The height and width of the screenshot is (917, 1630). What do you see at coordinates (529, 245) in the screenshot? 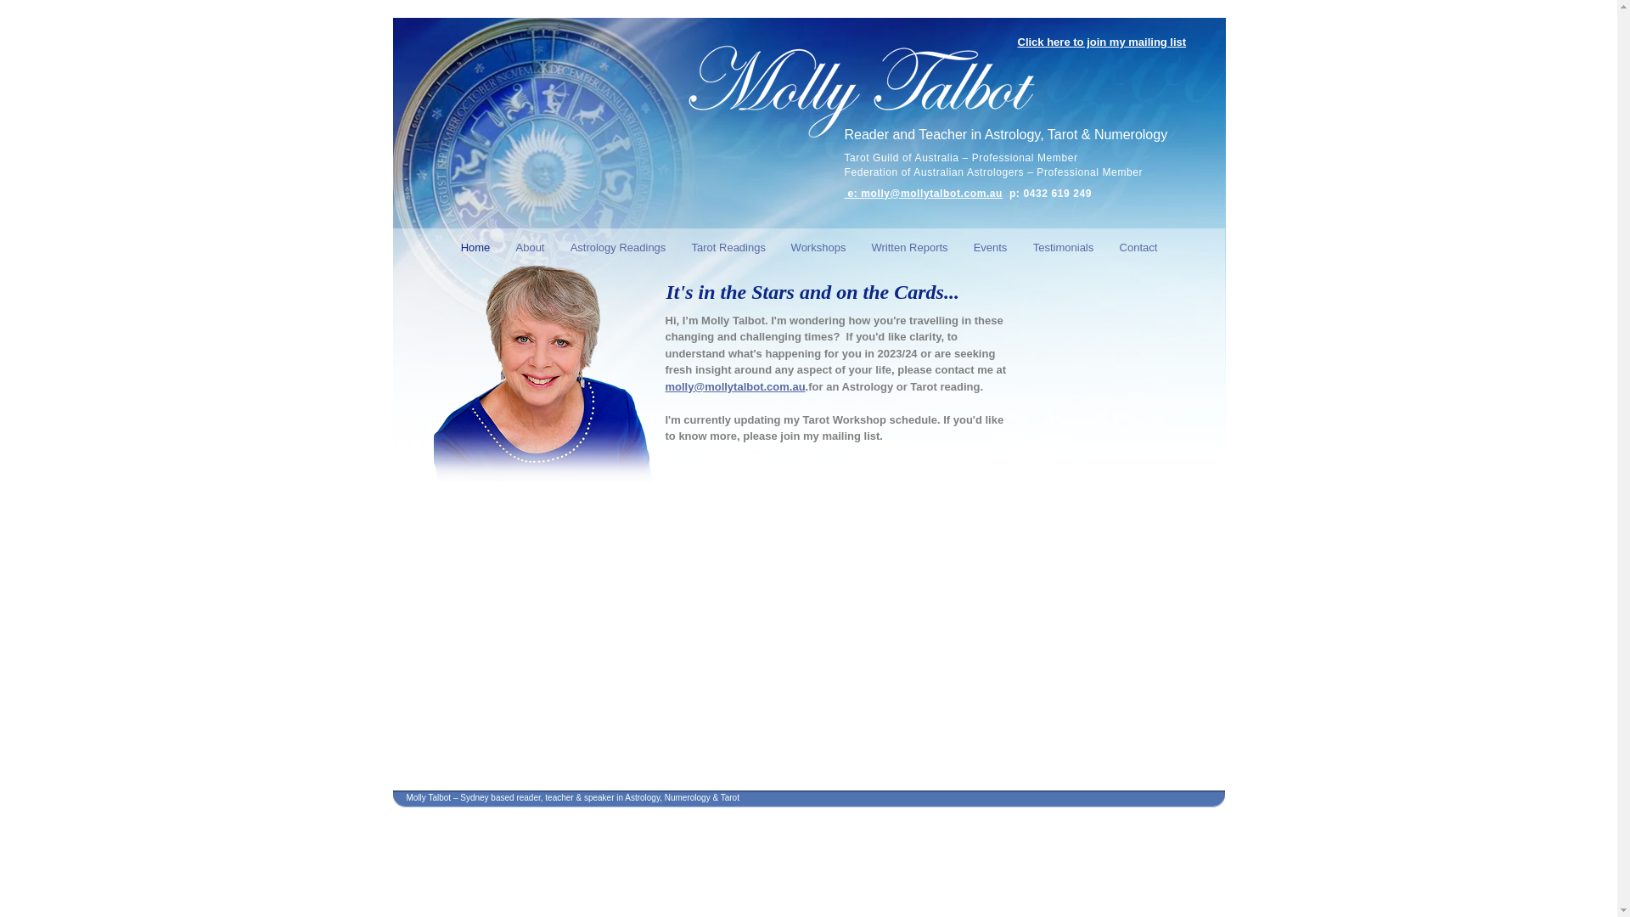
I see `'About'` at bounding box center [529, 245].